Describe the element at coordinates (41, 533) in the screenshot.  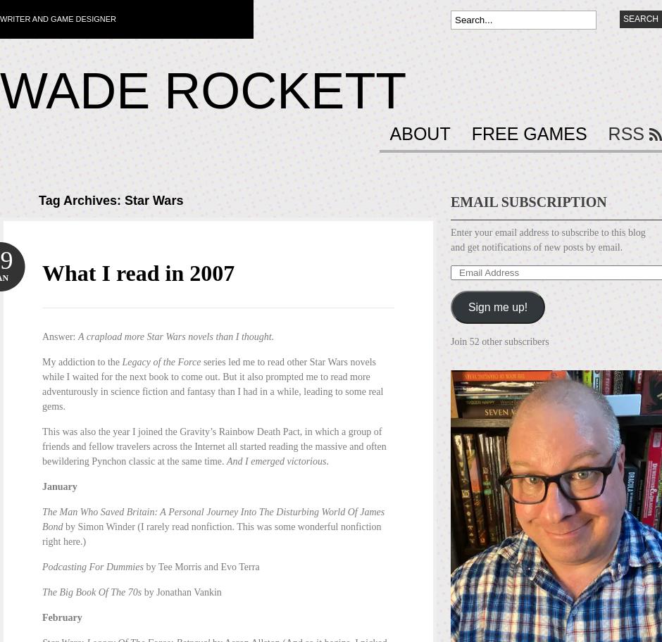
I see `'by Simon Winder (I rarely read nonfiction. This was some wonderful nonfiction right here.)'` at that location.